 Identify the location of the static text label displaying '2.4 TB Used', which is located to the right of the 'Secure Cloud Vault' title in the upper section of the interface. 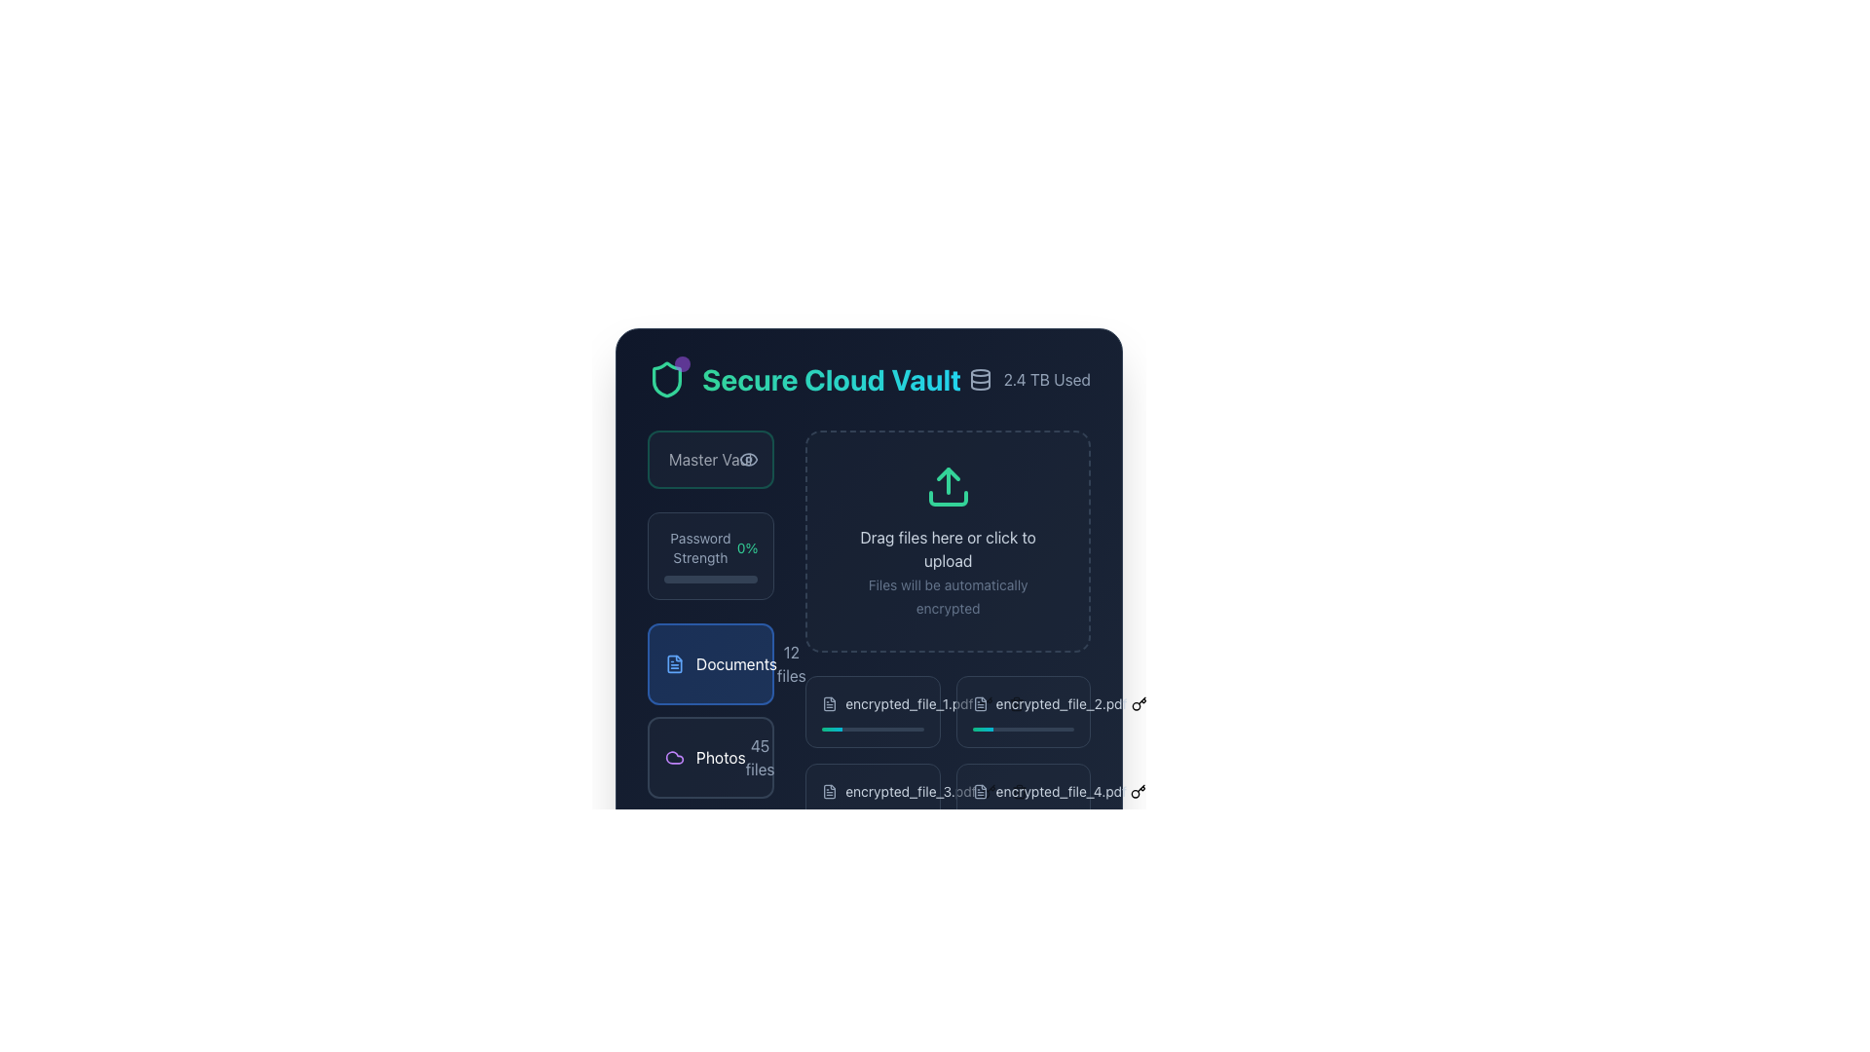
(1046, 379).